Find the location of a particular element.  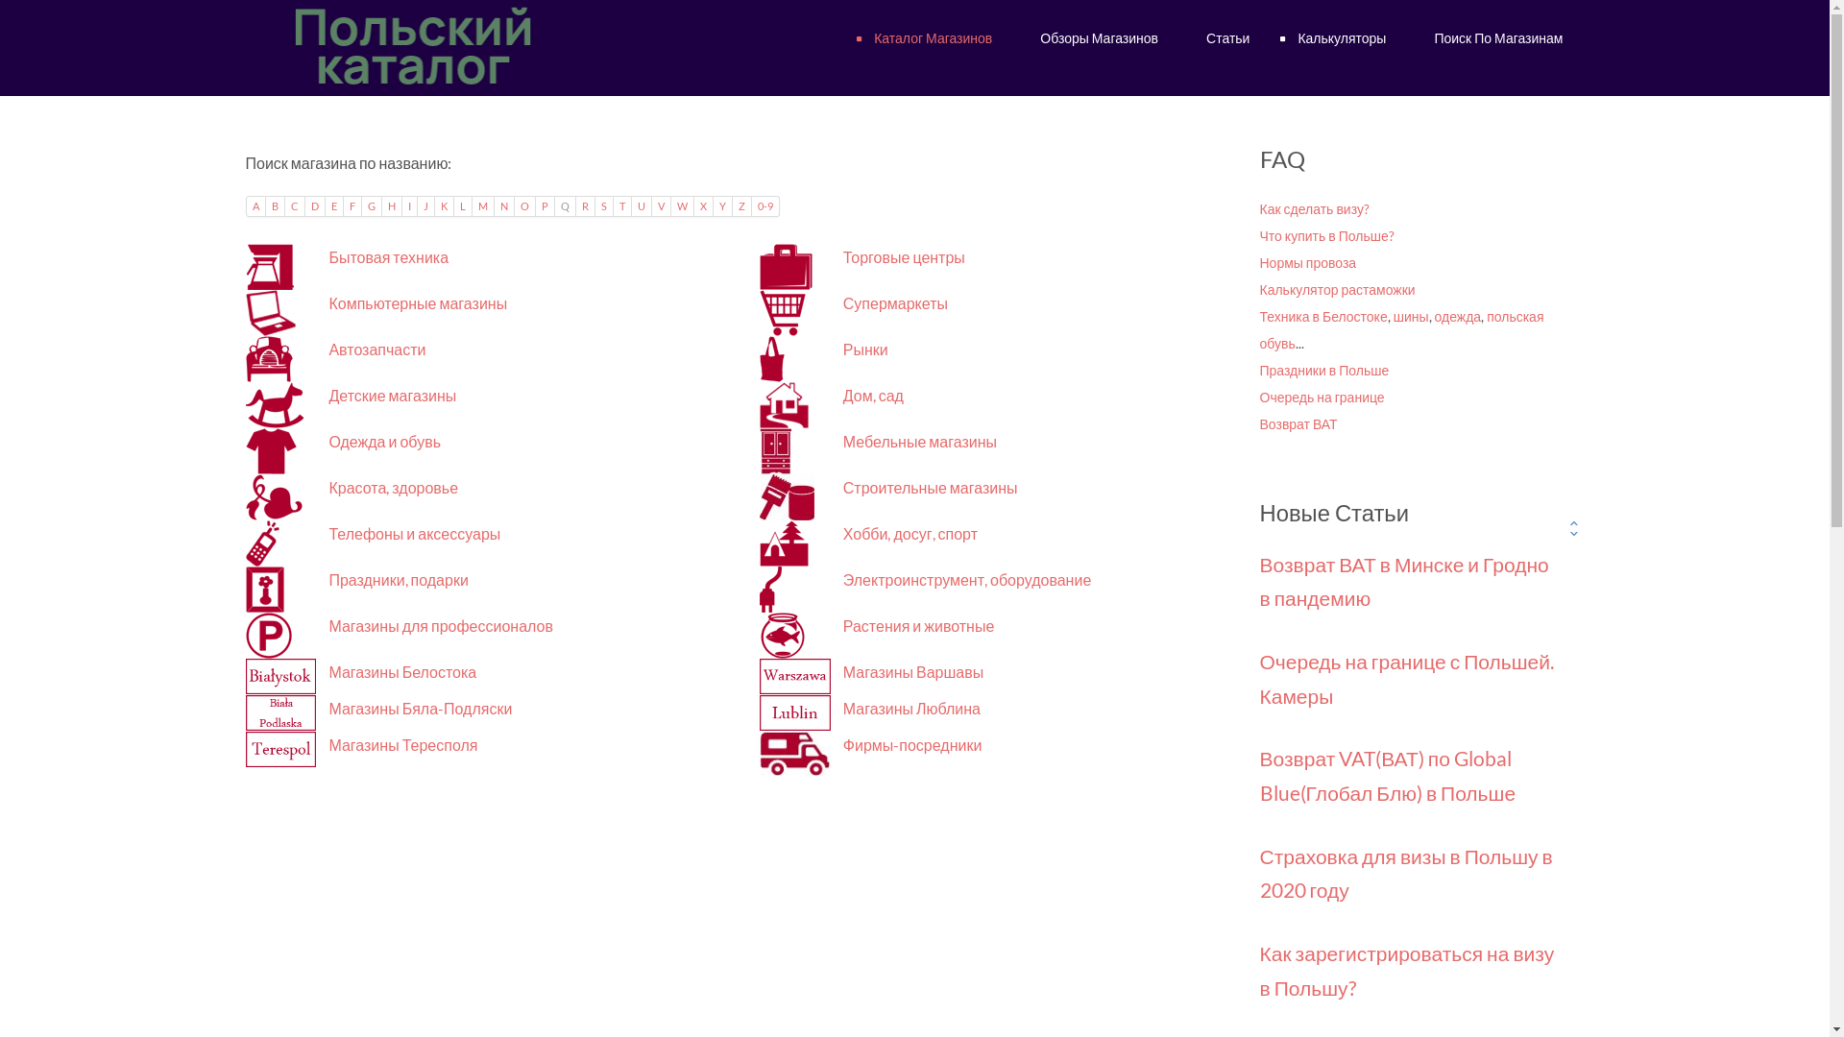

'Z' is located at coordinates (740, 206).